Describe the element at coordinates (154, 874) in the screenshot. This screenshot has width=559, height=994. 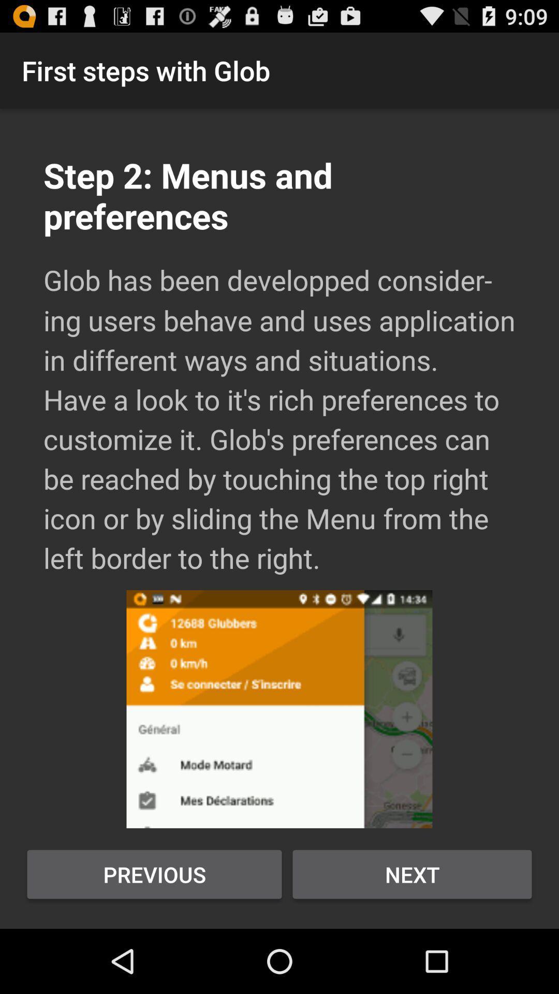
I see `the icon at the bottom left corner` at that location.